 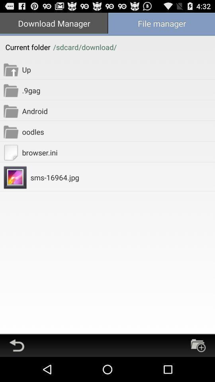 What do you see at coordinates (197, 370) in the screenshot?
I see `the folder icon` at bounding box center [197, 370].